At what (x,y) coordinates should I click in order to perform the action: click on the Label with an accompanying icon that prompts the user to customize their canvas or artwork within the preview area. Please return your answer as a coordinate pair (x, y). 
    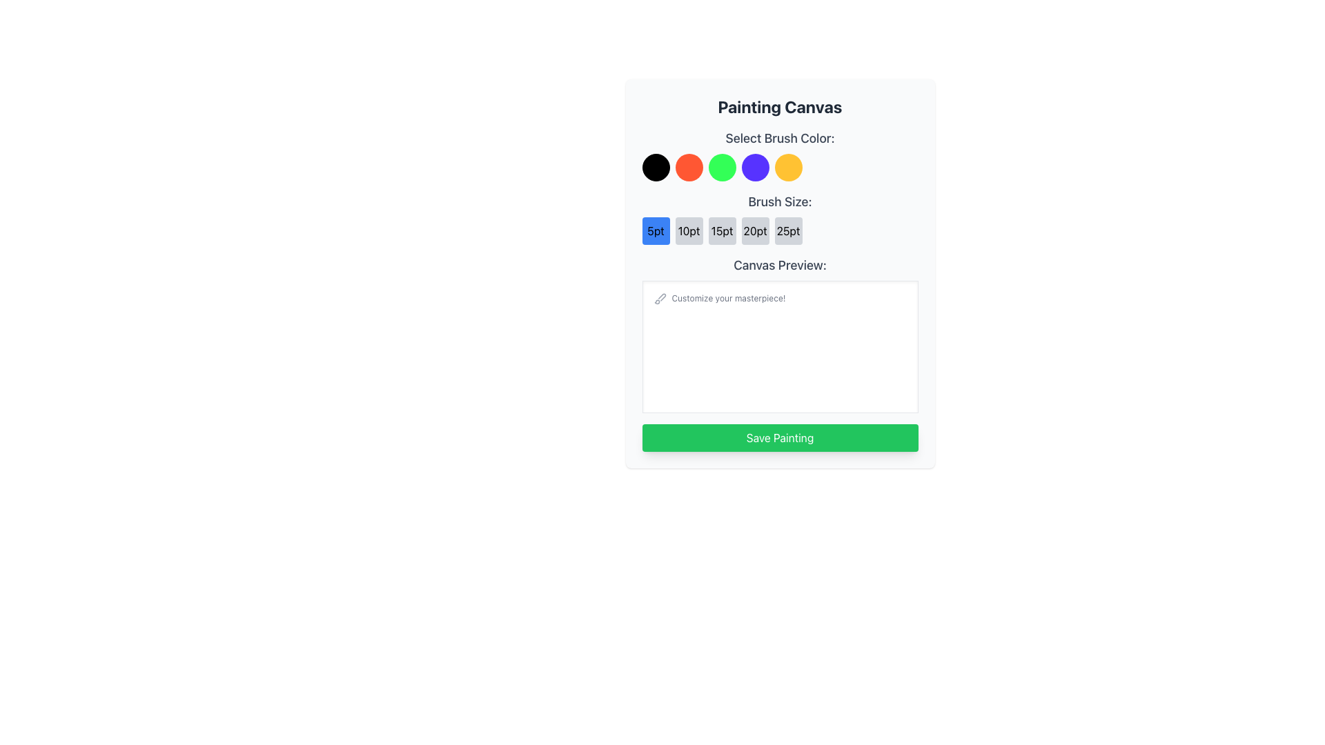
    Looking at the image, I should click on (718, 297).